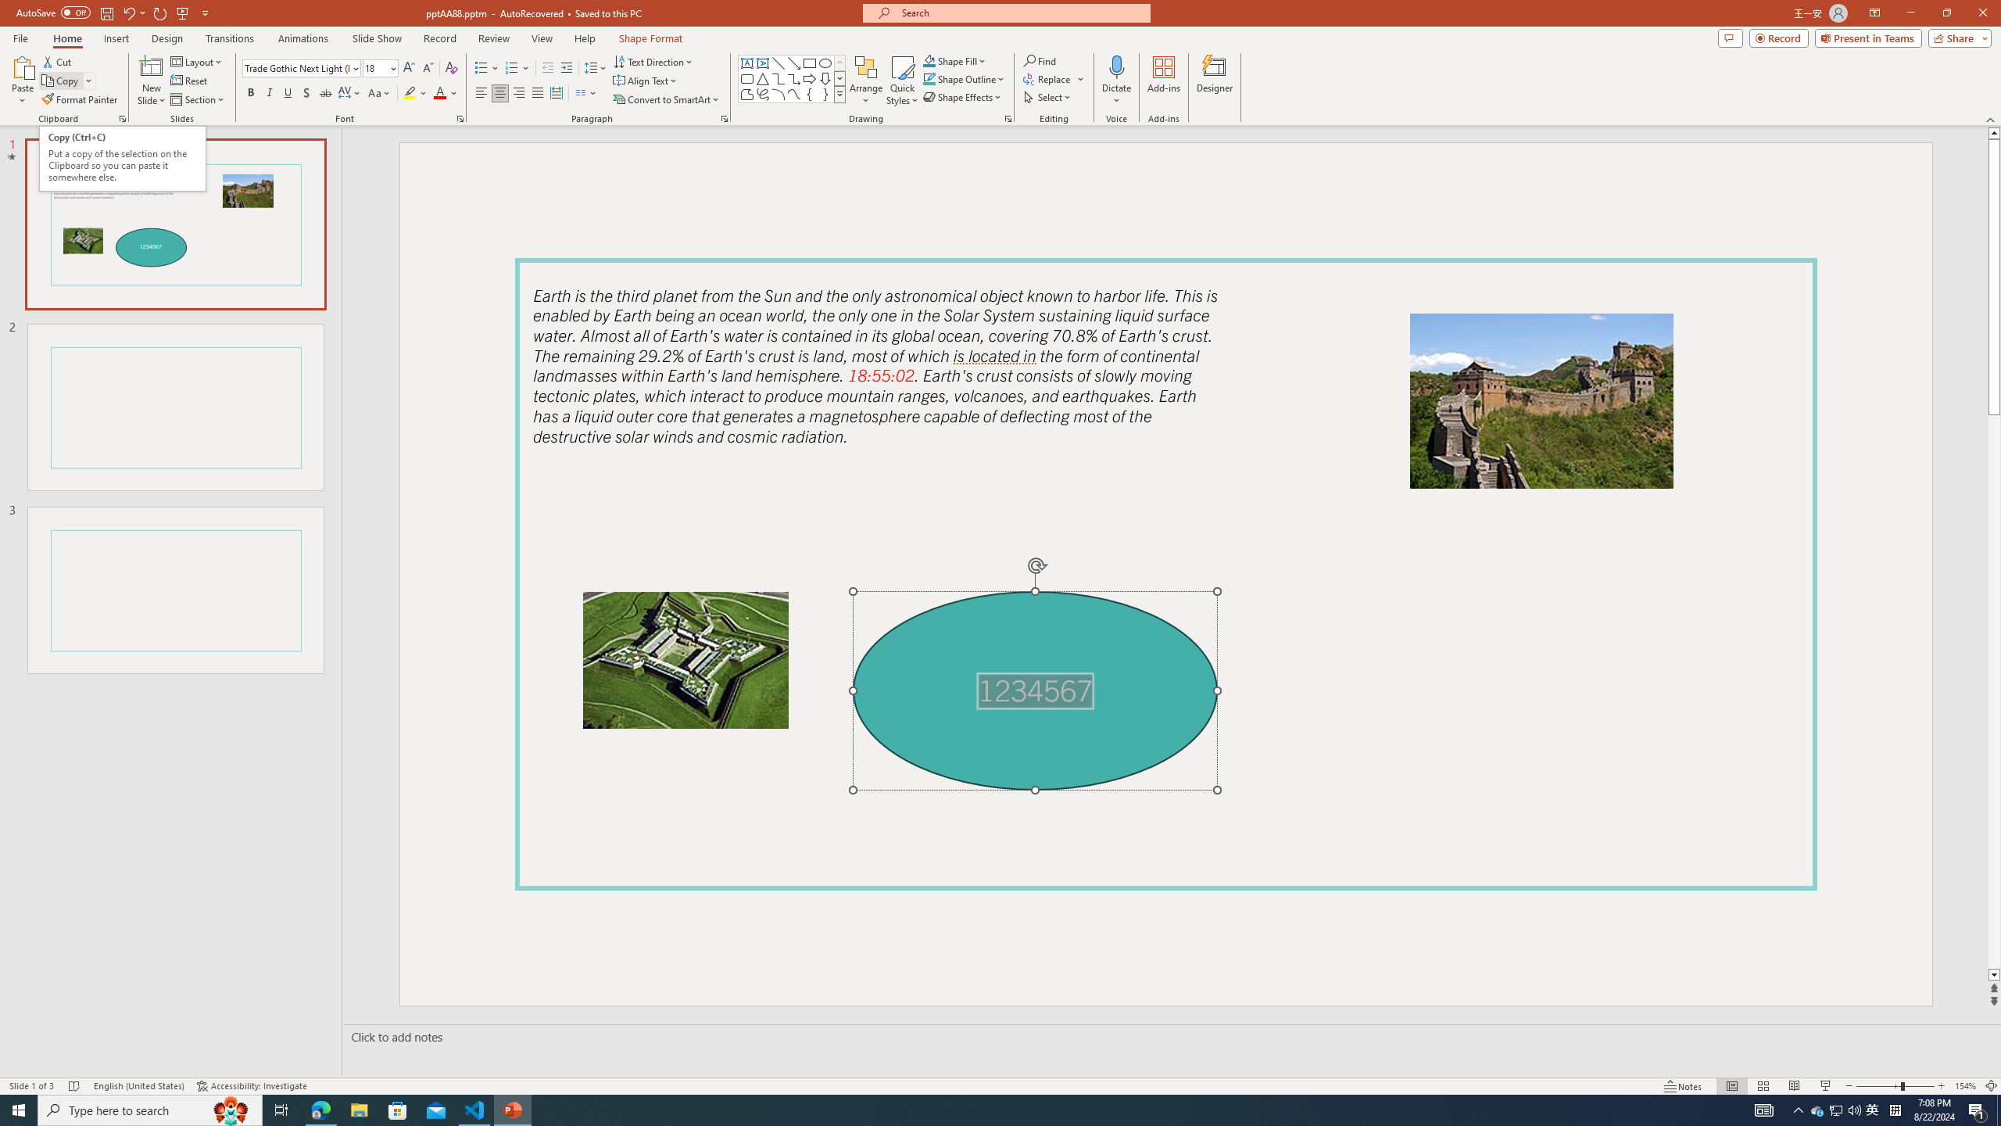  I want to click on 'Shape Outline Teal, Accent 1', so click(929, 77).